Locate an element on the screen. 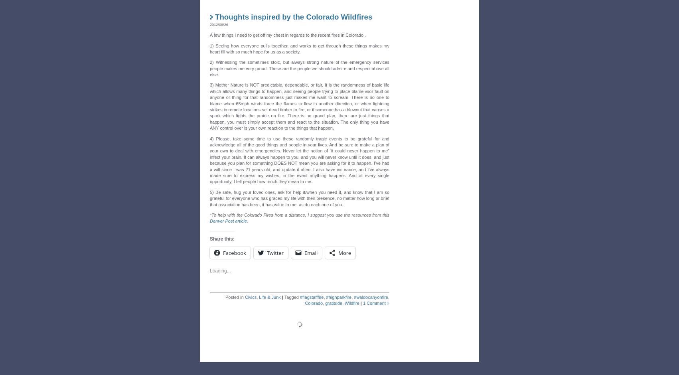 This screenshot has height=375, width=679. 'Thoughts inspired by the Colorado Wildfires' is located at coordinates (293, 15).